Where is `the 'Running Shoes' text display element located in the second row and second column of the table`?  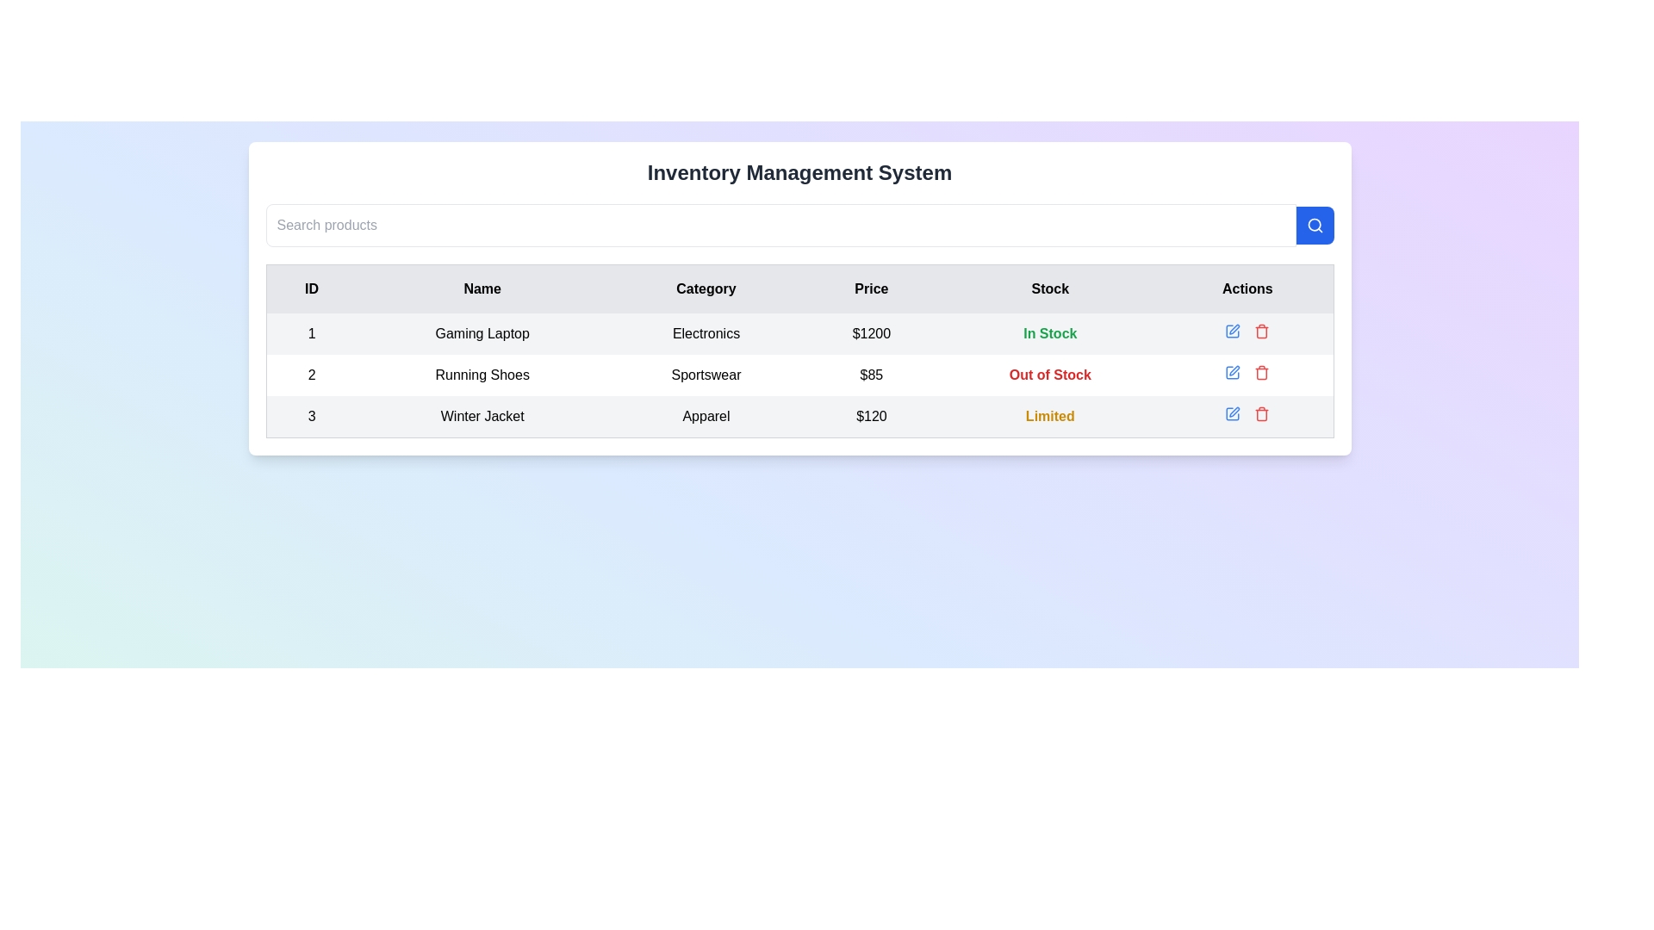
the 'Running Shoes' text display element located in the second row and second column of the table is located at coordinates (482, 374).